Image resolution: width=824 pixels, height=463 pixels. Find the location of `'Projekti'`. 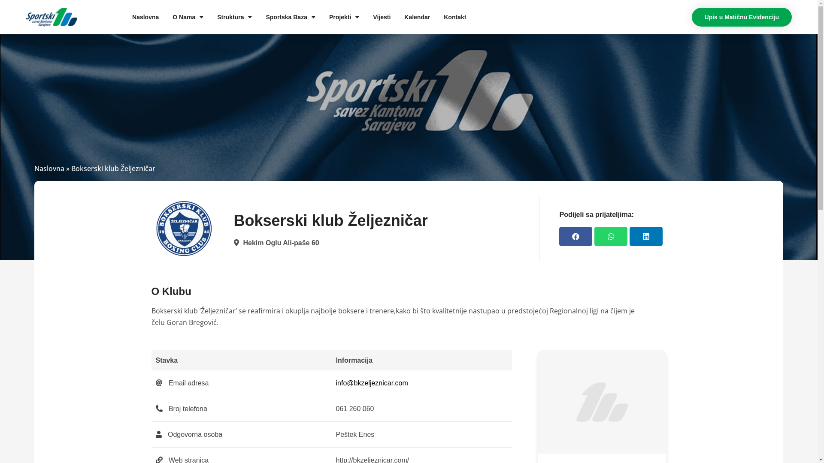

'Projekti' is located at coordinates (344, 17).